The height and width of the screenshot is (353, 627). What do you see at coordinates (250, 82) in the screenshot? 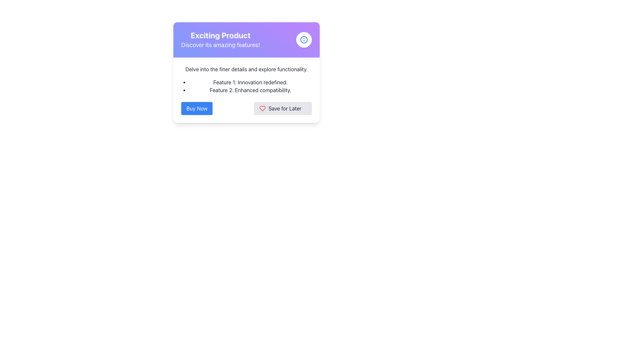
I see `the text element displaying 'Feature 1: Innovation redefined.' which is the first item in the bullet list on the interface card` at bounding box center [250, 82].